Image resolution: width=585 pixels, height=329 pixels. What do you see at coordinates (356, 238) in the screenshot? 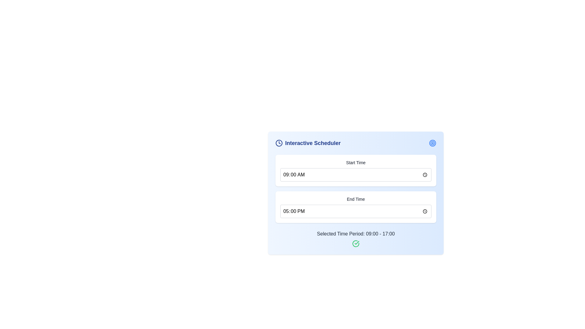
I see `the label displaying 'Selected Time Period: 09:00 - 17:00' with a green check-circle icon, located at the bottom of the 'Interactive Scheduler' section` at bounding box center [356, 238].